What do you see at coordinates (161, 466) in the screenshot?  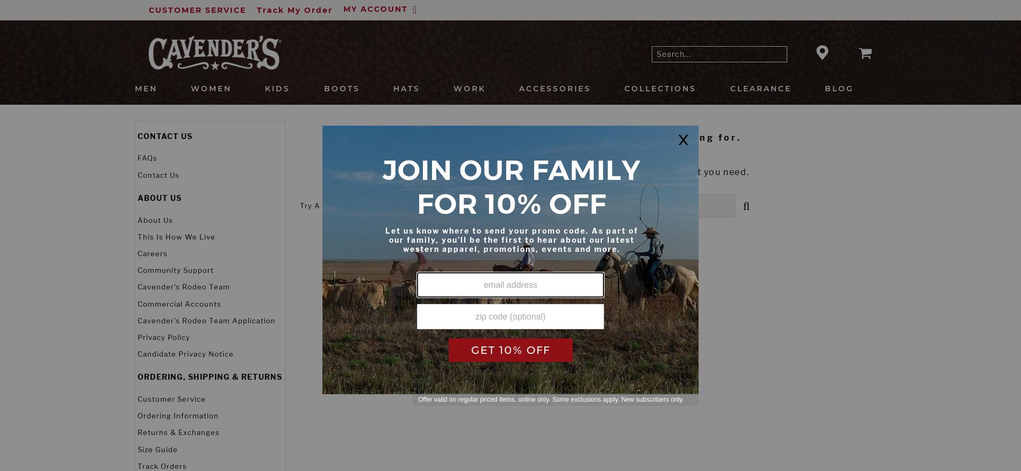 I see `'Track Orders'` at bounding box center [161, 466].